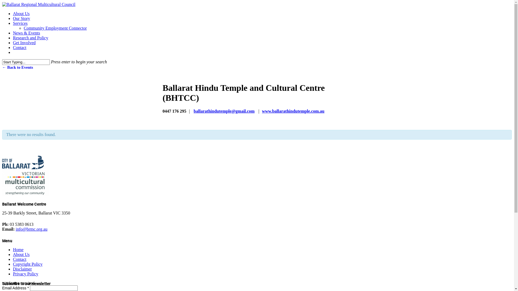  Describe the element at coordinates (18, 250) in the screenshot. I see `'Home'` at that location.